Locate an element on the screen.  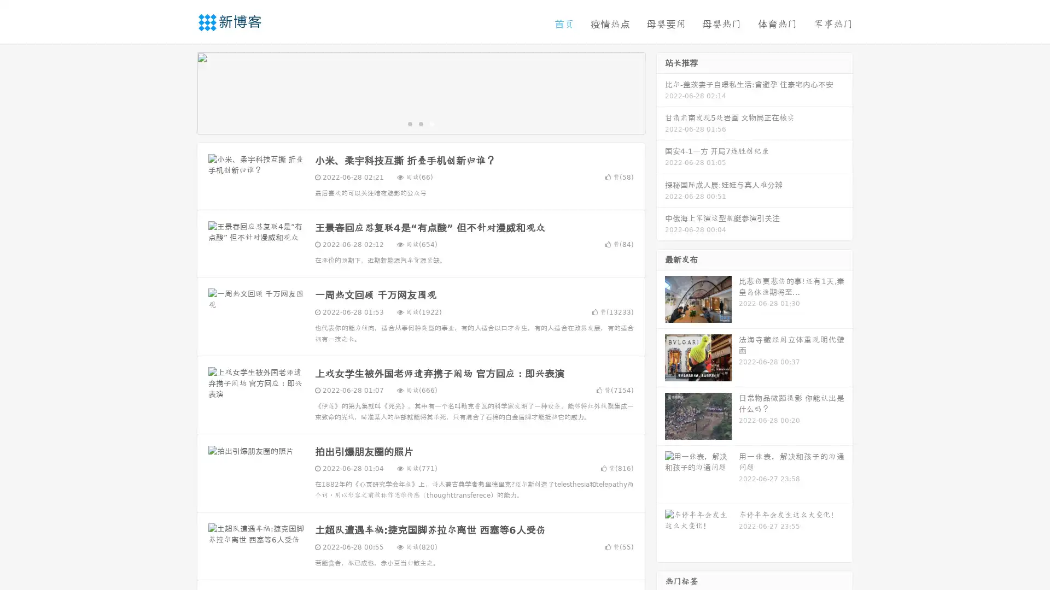
Go to slide 1 is located at coordinates (409, 123).